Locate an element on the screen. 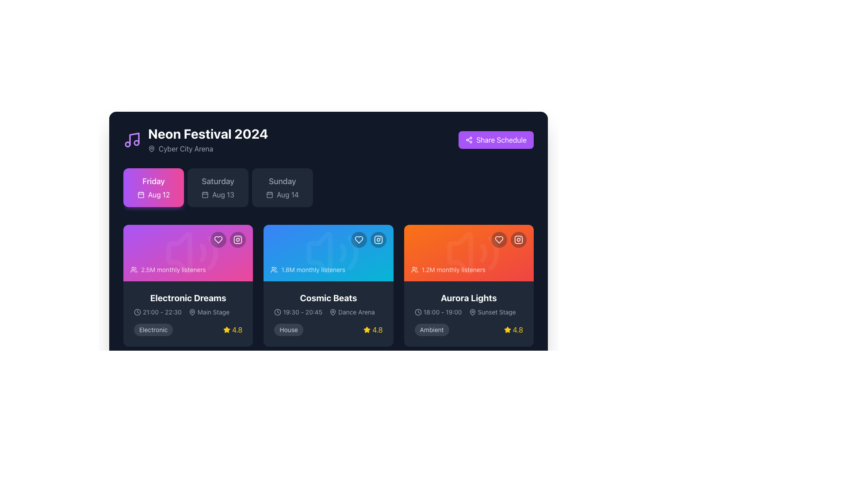  the icon button group consisting of a heart symbol and an Instagram logo located in the top-right corner of the pink card labeled 'Electronic Dreams.' is located at coordinates (228, 240).